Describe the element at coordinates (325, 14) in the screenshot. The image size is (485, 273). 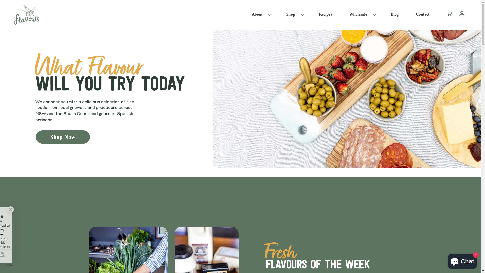
I see `'Recipes'` at that location.